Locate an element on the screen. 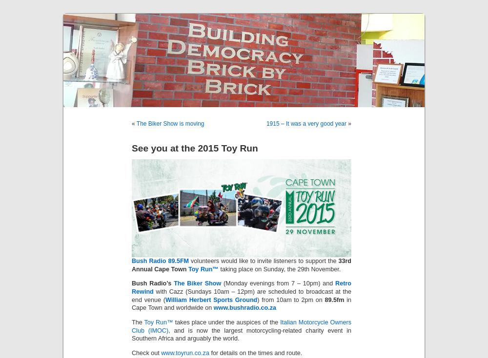  'in Cape Town and worldwide on' is located at coordinates (241, 303).